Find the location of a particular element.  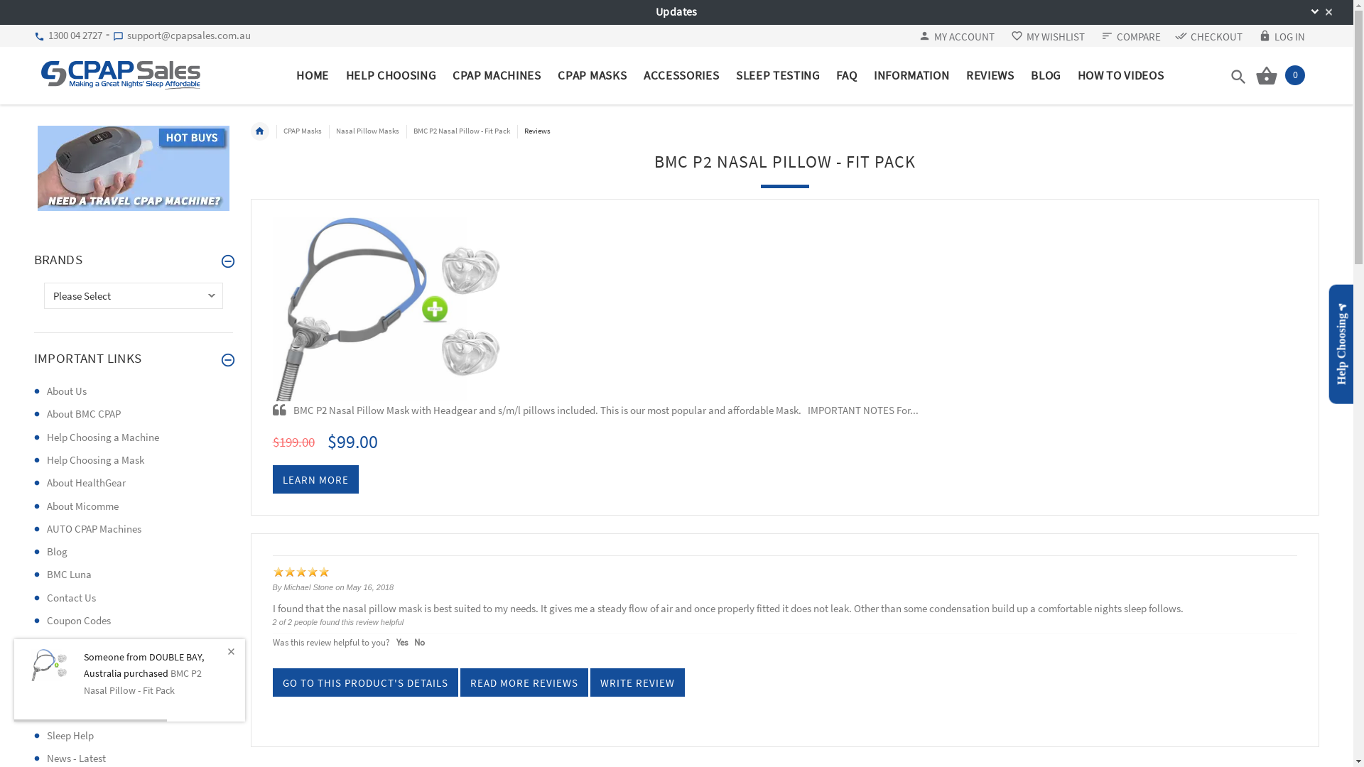

'Help Choosing a Machine' is located at coordinates (102, 436).